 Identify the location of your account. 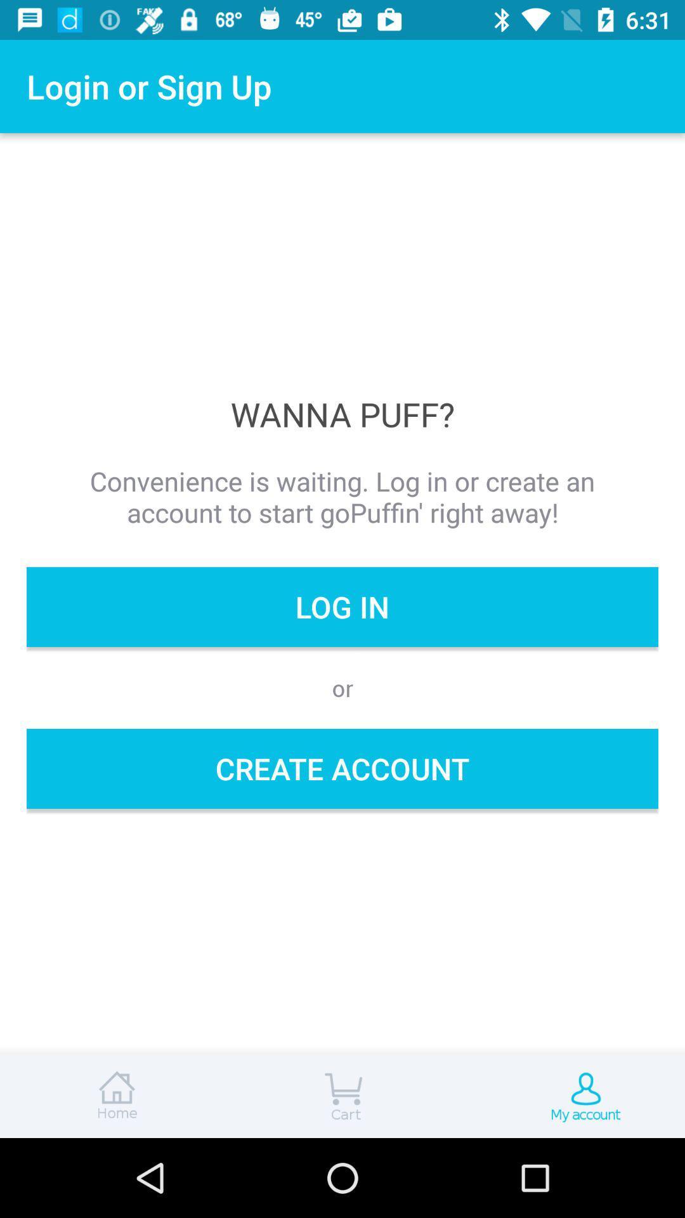
(570, 1096).